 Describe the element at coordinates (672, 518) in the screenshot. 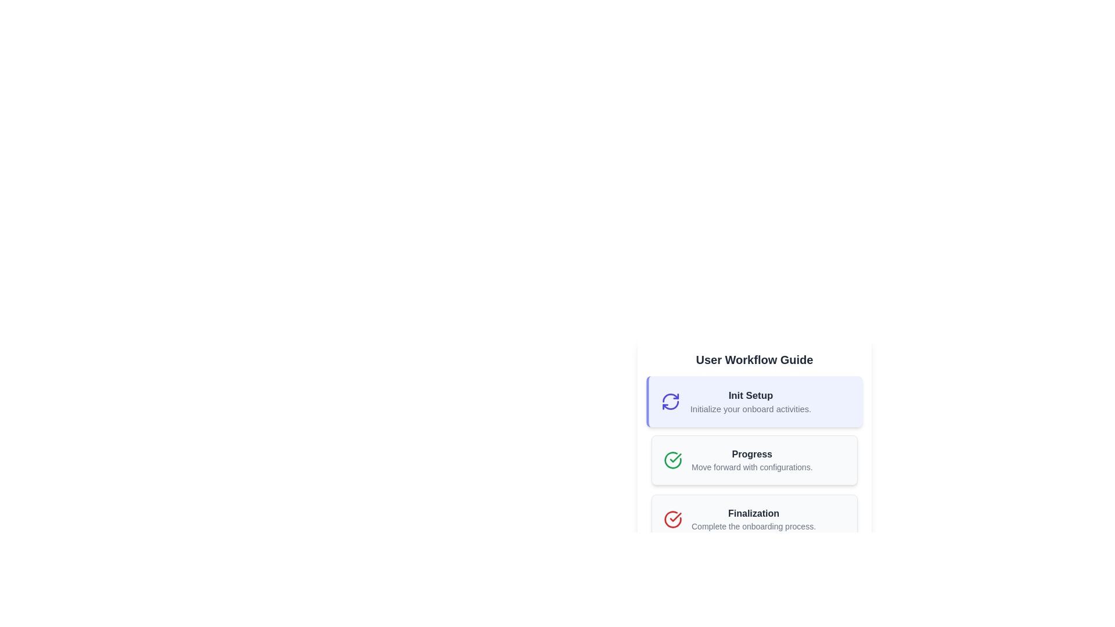

I see `the circular red icon with a white checkmark located in the 'Finalization' section of the 'User Workflow Guide', which indicates a completed task` at that location.